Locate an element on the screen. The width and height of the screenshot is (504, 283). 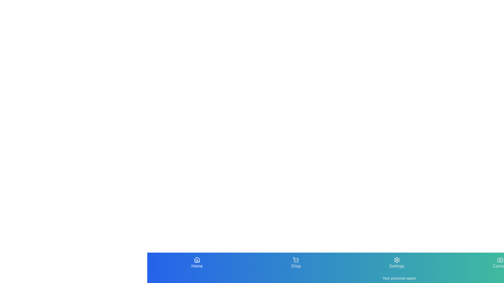
the description text to highlight it is located at coordinates (399, 278).